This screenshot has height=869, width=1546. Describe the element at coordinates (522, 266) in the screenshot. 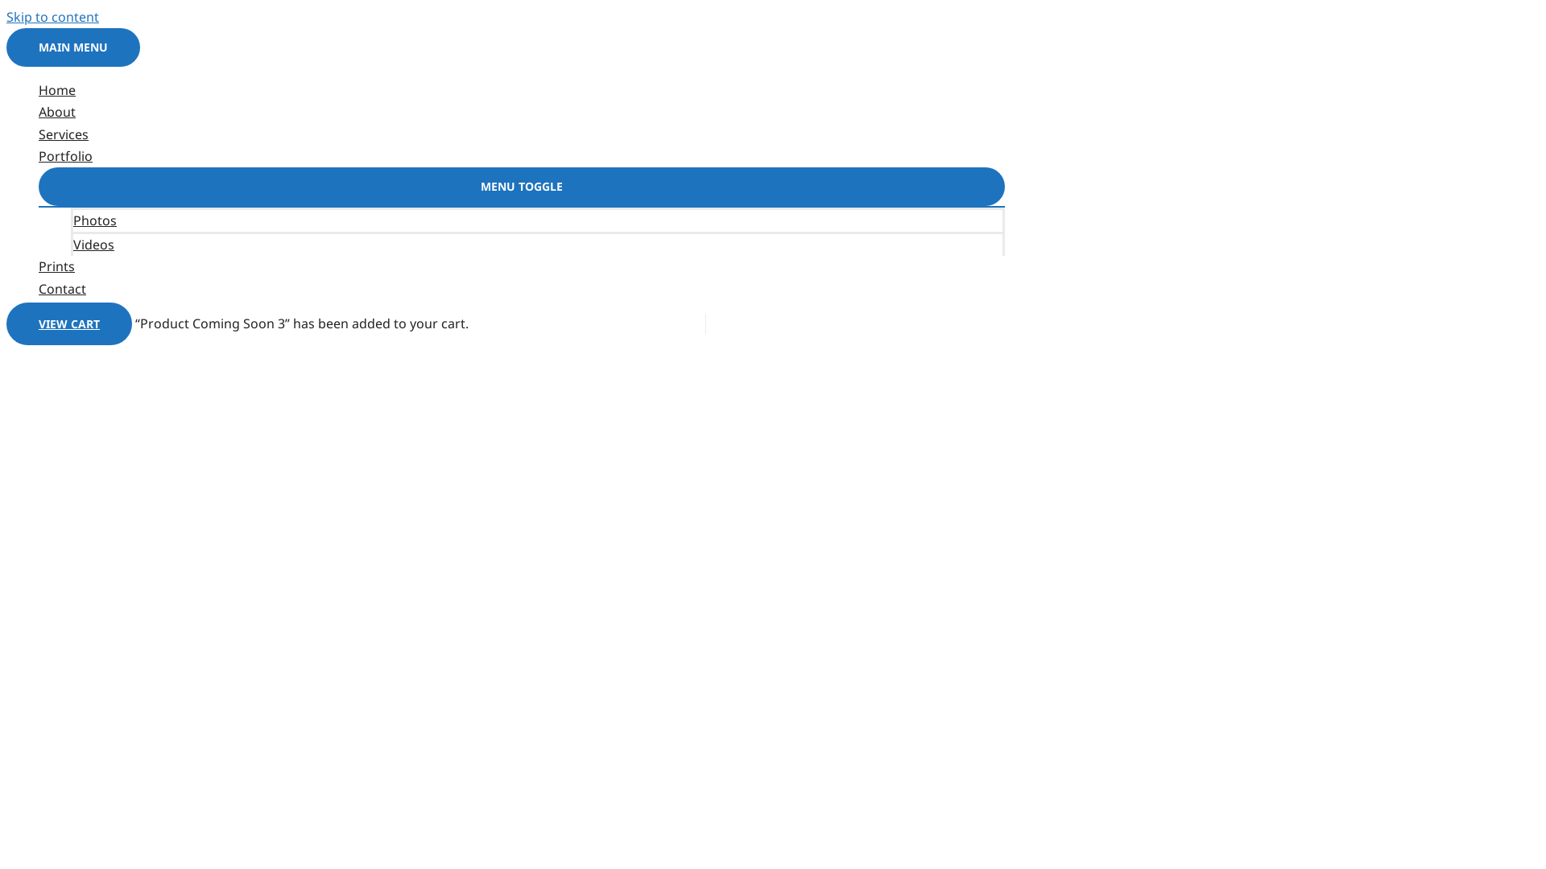

I see `'Prints'` at that location.